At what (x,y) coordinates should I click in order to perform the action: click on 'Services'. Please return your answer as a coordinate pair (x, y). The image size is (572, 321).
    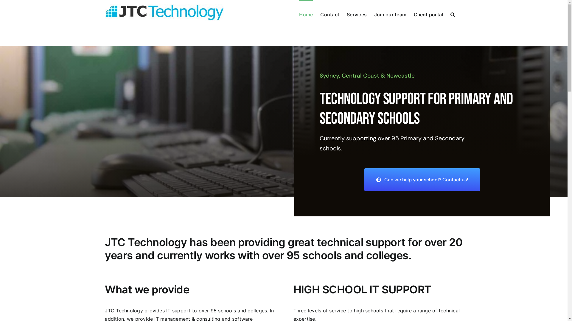
    Looking at the image, I should click on (346, 13).